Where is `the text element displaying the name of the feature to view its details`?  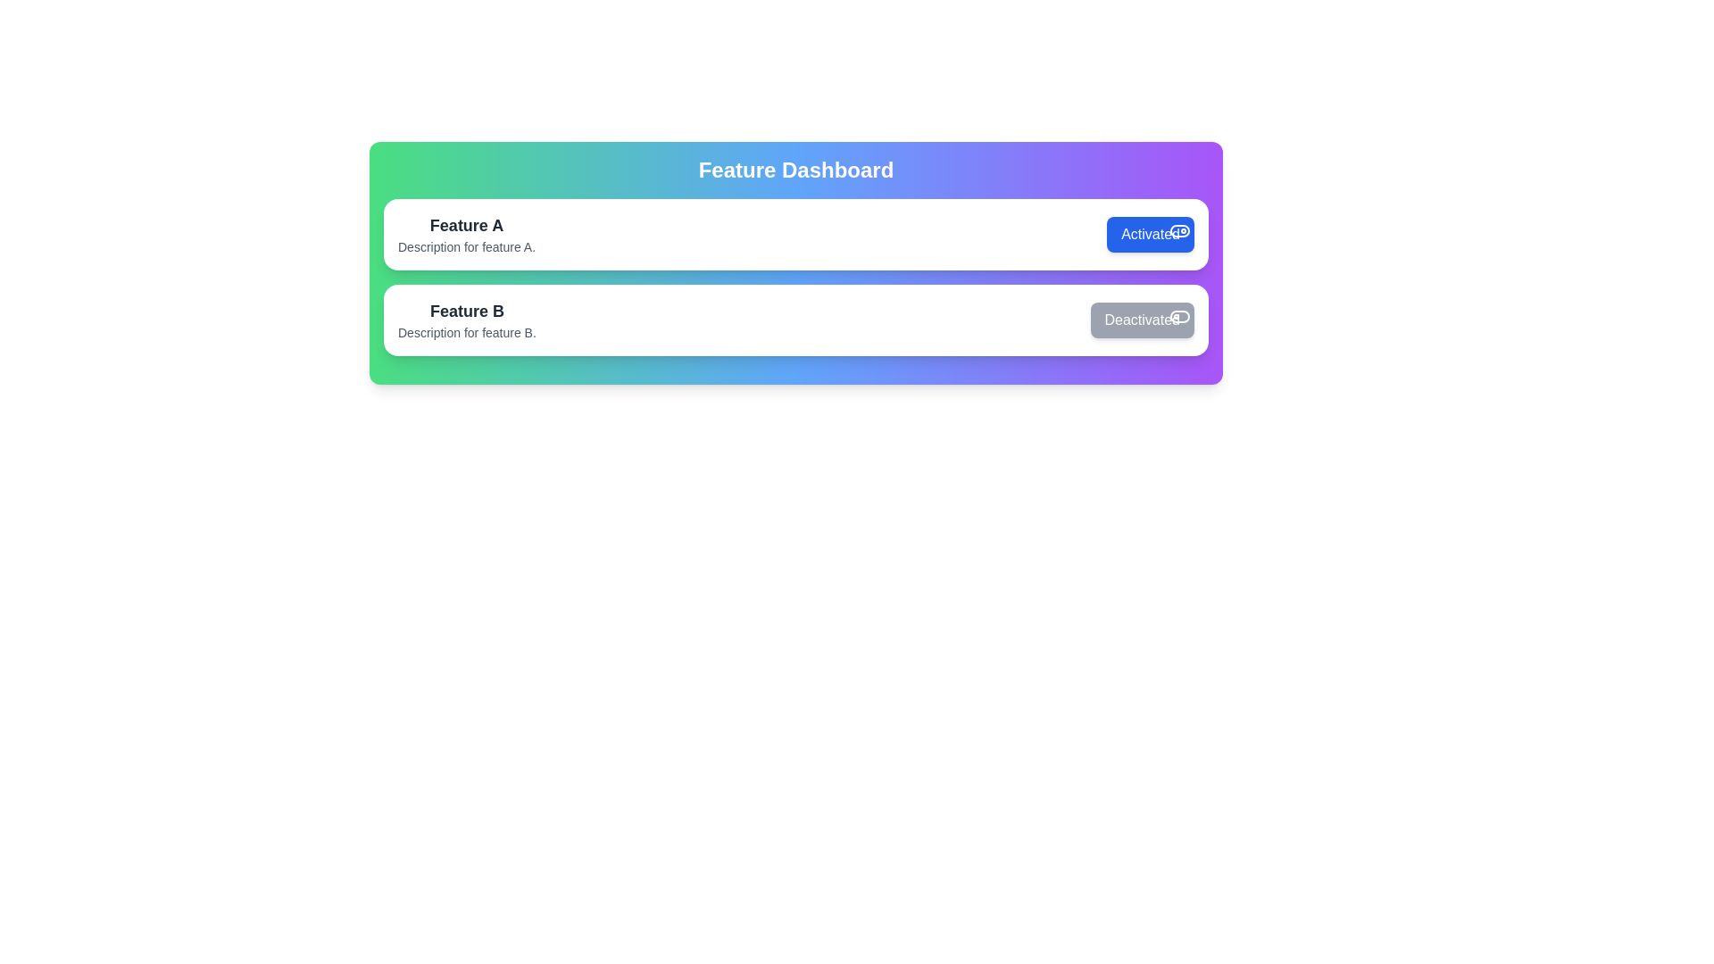 the text element displaying the name of the feature to view its details is located at coordinates (467, 225).